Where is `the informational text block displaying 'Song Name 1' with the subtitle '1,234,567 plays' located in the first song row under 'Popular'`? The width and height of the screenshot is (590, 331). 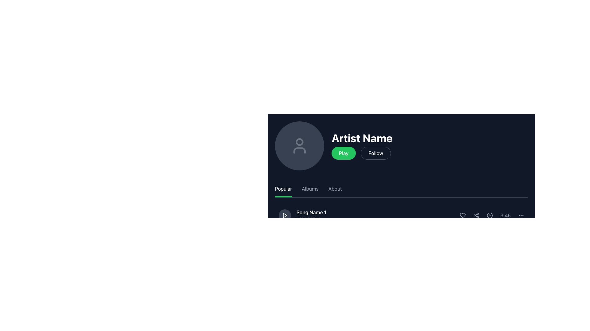 the informational text block displaying 'Song Name 1' with the subtitle '1,234,567 plays' located in the first song row under 'Popular' is located at coordinates (303, 215).